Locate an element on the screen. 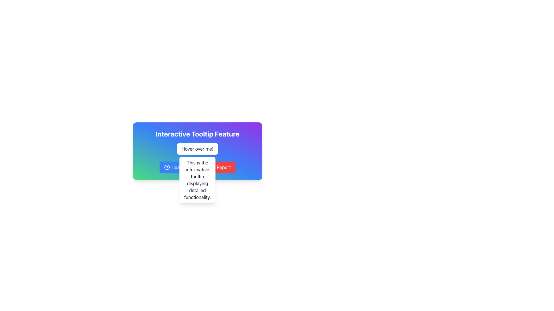 The width and height of the screenshot is (554, 311). the blue 'Learn More' button with a question mark icon to potentially reveal more options or a tooltip is located at coordinates (180, 167).